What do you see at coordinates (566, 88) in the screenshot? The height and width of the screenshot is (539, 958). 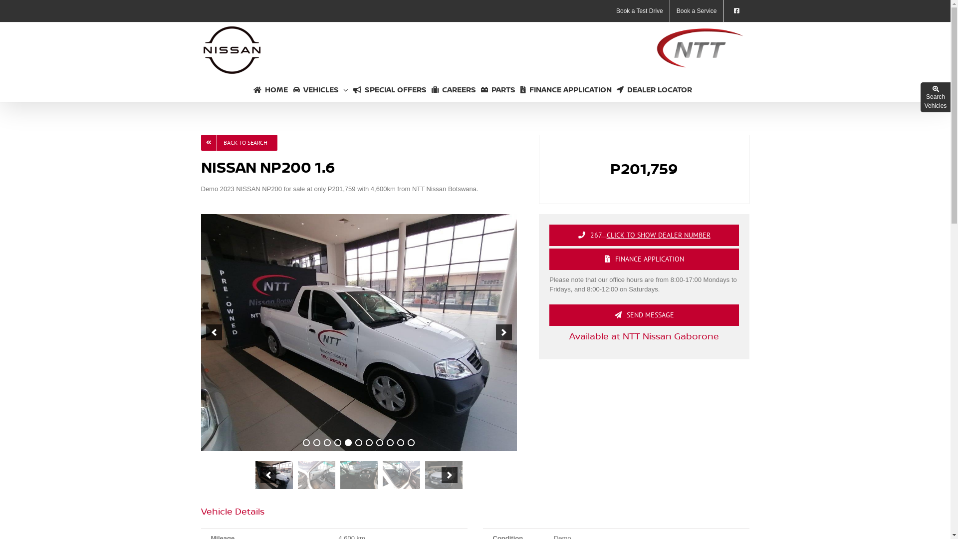 I see `'FINANCE APPLICATION'` at bounding box center [566, 88].